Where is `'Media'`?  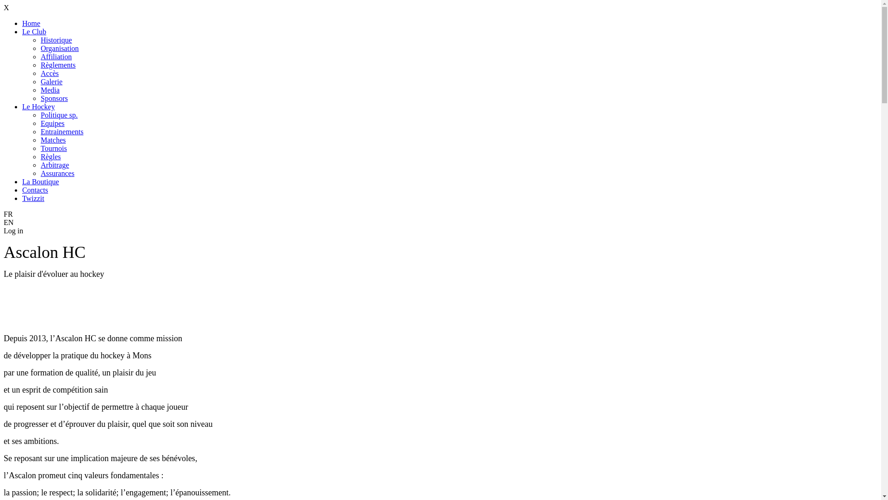
'Media' is located at coordinates (49, 90).